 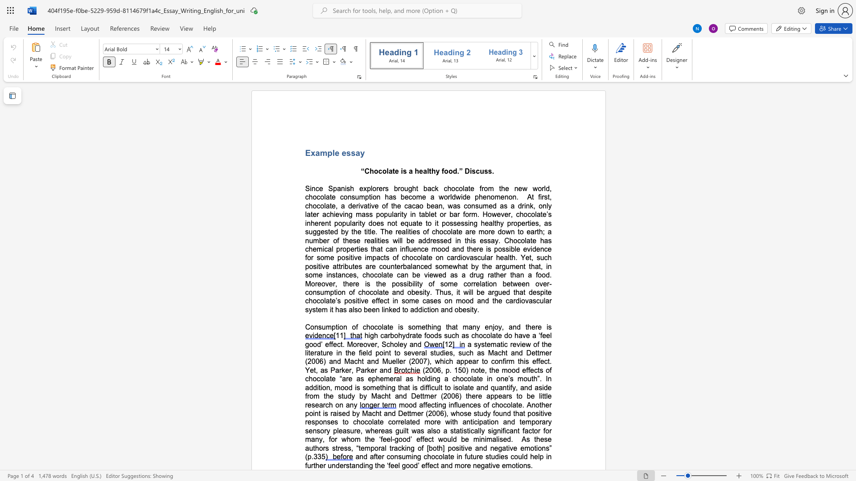 What do you see at coordinates (471, 335) in the screenshot?
I see `the subset text "chocolate do have" within the text "high carbohydrate foods such as chocolate do have a ‘feel good’ effect. Moreover, Scholey and"` at bounding box center [471, 335].